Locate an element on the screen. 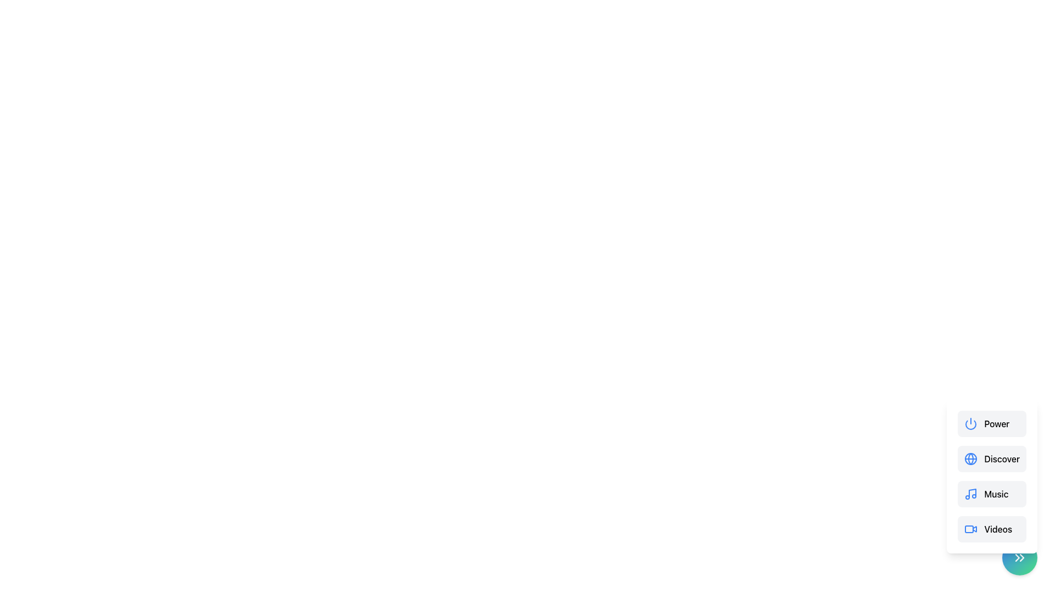 Image resolution: width=1055 pixels, height=593 pixels. the power button located at the right edge of the interface, above the buttons labeled 'Discover', 'Music', and 'Videos' is located at coordinates (992, 423).